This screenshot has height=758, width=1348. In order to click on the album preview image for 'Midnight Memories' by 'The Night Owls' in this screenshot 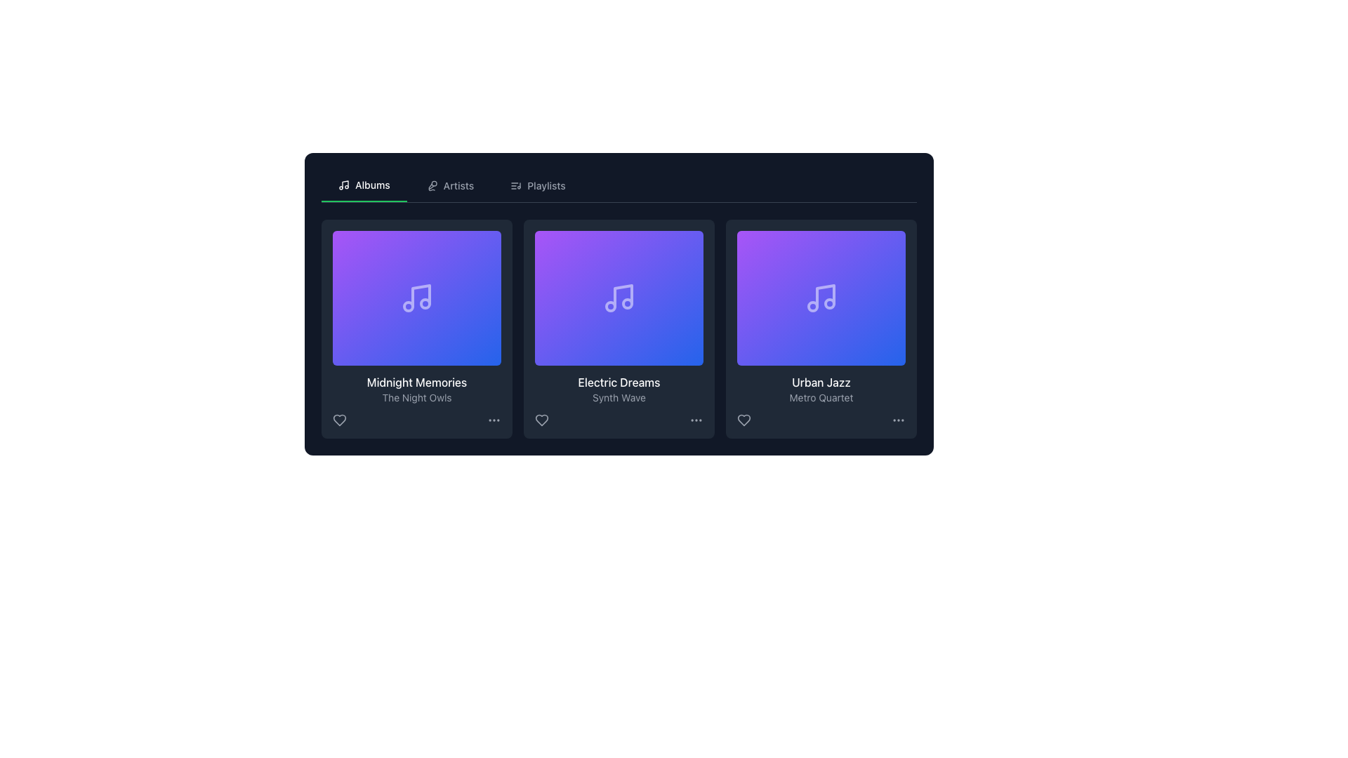, I will do `click(416, 297)`.